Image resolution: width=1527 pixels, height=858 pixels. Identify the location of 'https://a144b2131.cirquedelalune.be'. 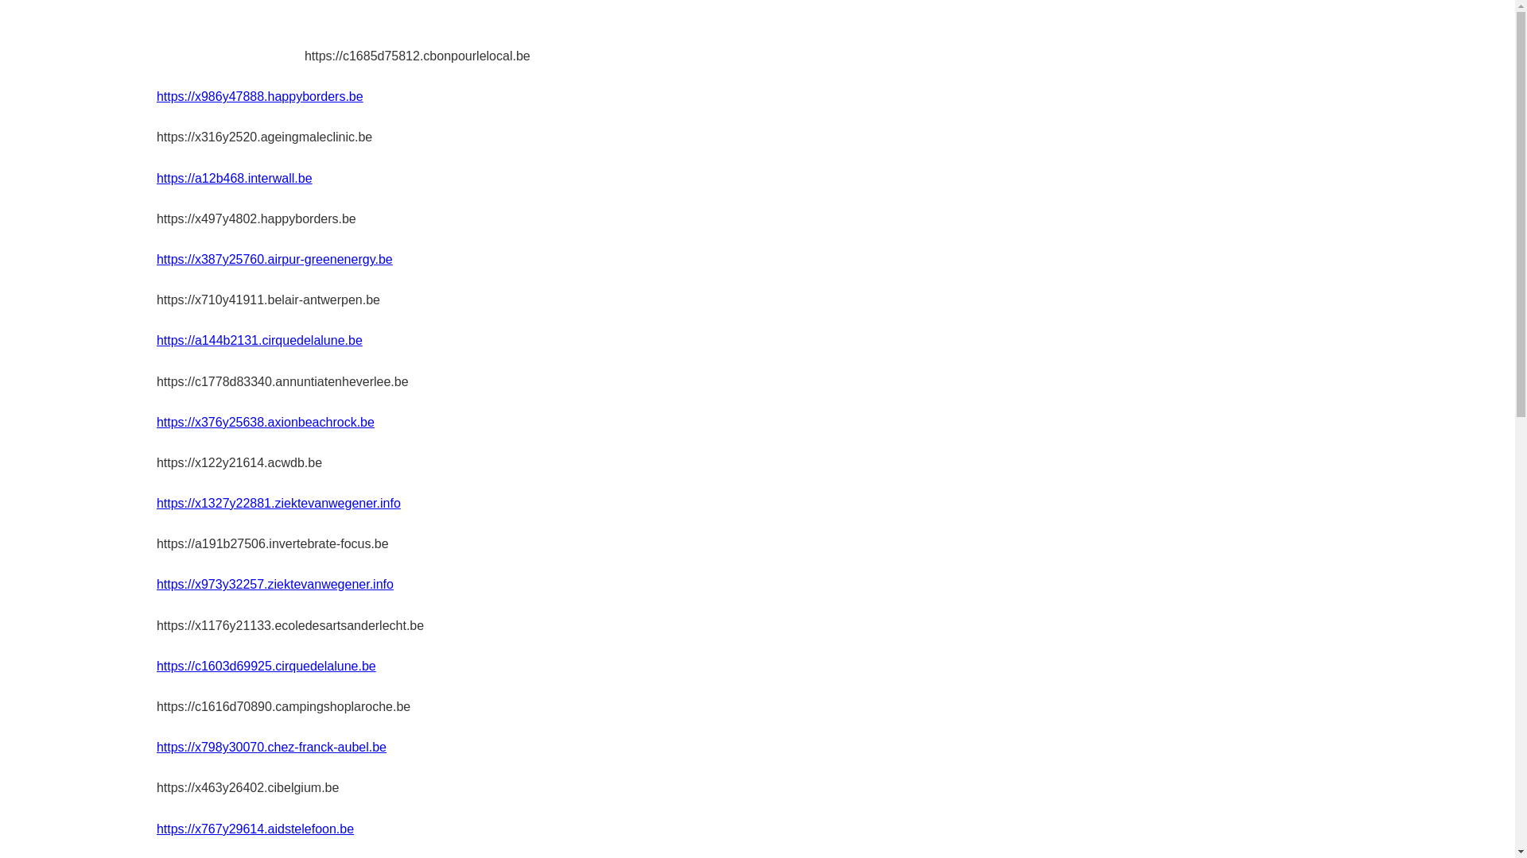
(259, 339).